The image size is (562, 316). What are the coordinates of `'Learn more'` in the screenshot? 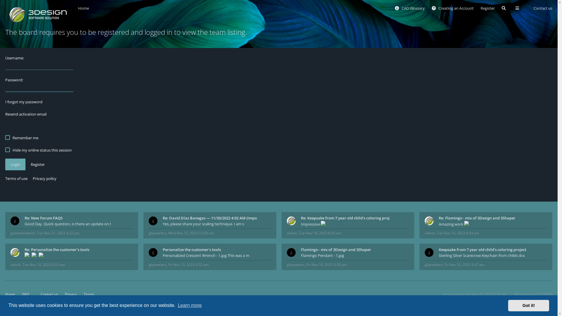 It's located at (190, 305).